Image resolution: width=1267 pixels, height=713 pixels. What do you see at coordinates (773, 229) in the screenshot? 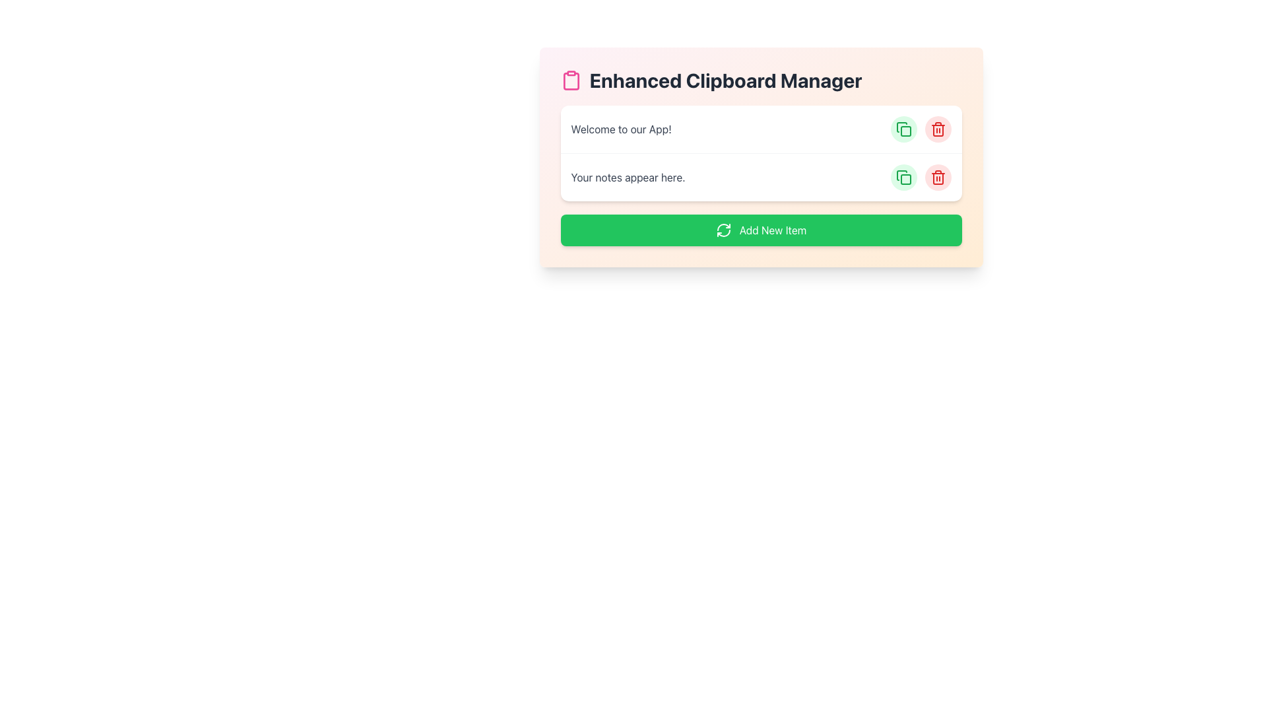
I see `text content 'Add New Item' from the text label with a white font over a green rectangular background, located towards the bottom of the interface` at bounding box center [773, 229].